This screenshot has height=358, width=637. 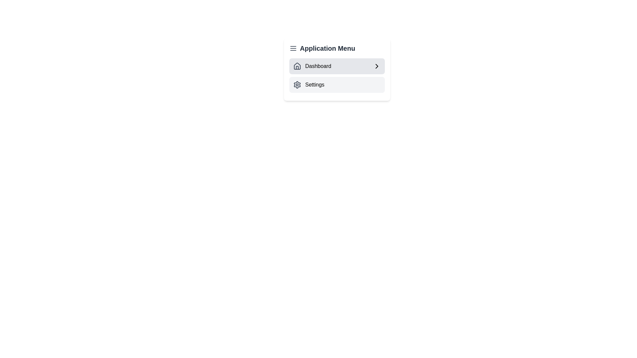 What do you see at coordinates (293, 48) in the screenshot?
I see `the menu toggle icon located to the left of the 'Application Menu' text` at bounding box center [293, 48].